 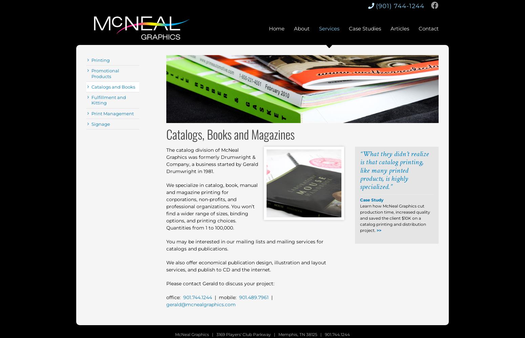 I want to click on 'Promotional Products', so click(x=105, y=73).